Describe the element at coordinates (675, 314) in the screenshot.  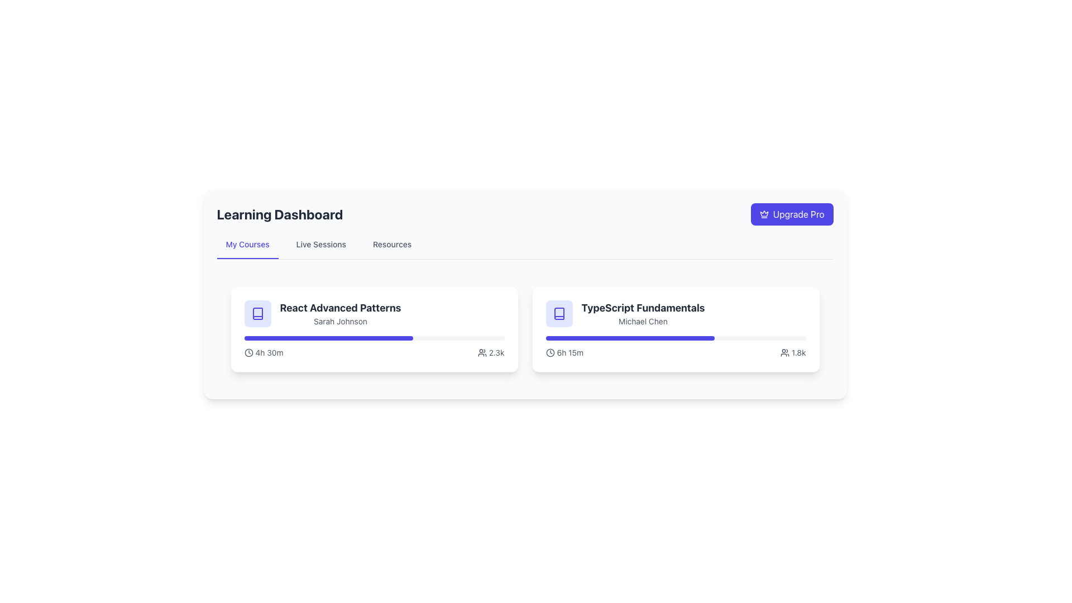
I see `the text display component that shows the course's title and instructor's name` at that location.